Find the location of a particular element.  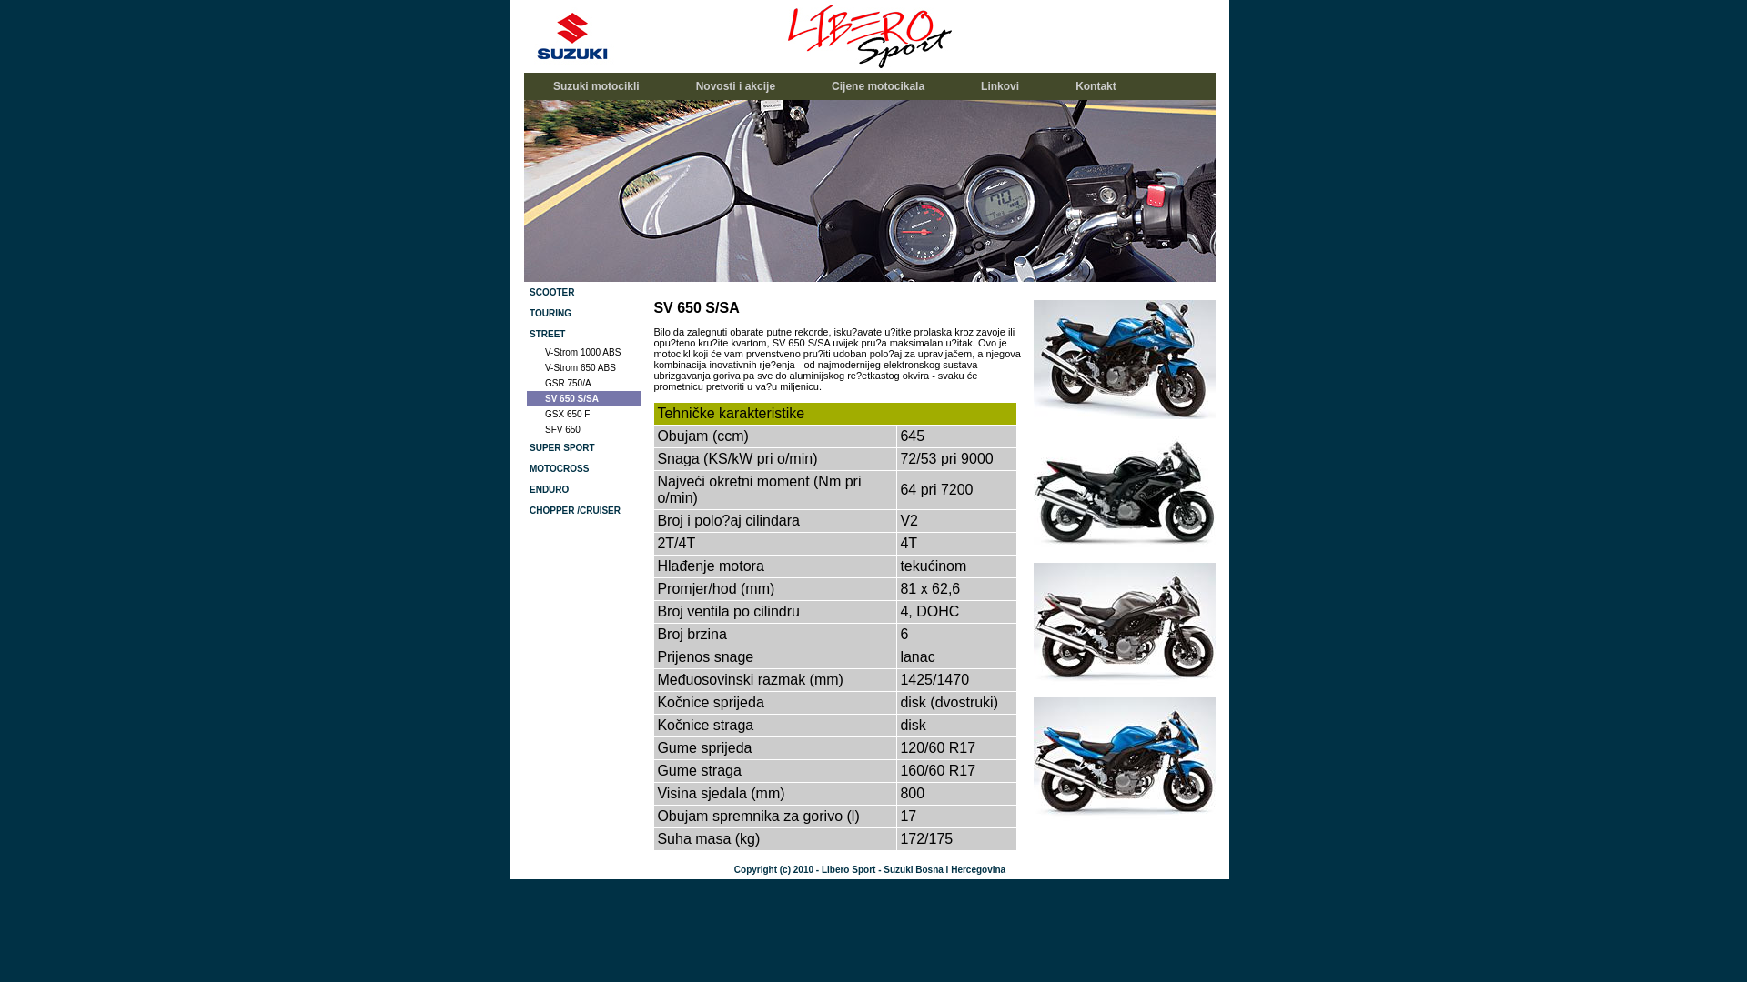

'GSX 650 F' is located at coordinates (584, 414).